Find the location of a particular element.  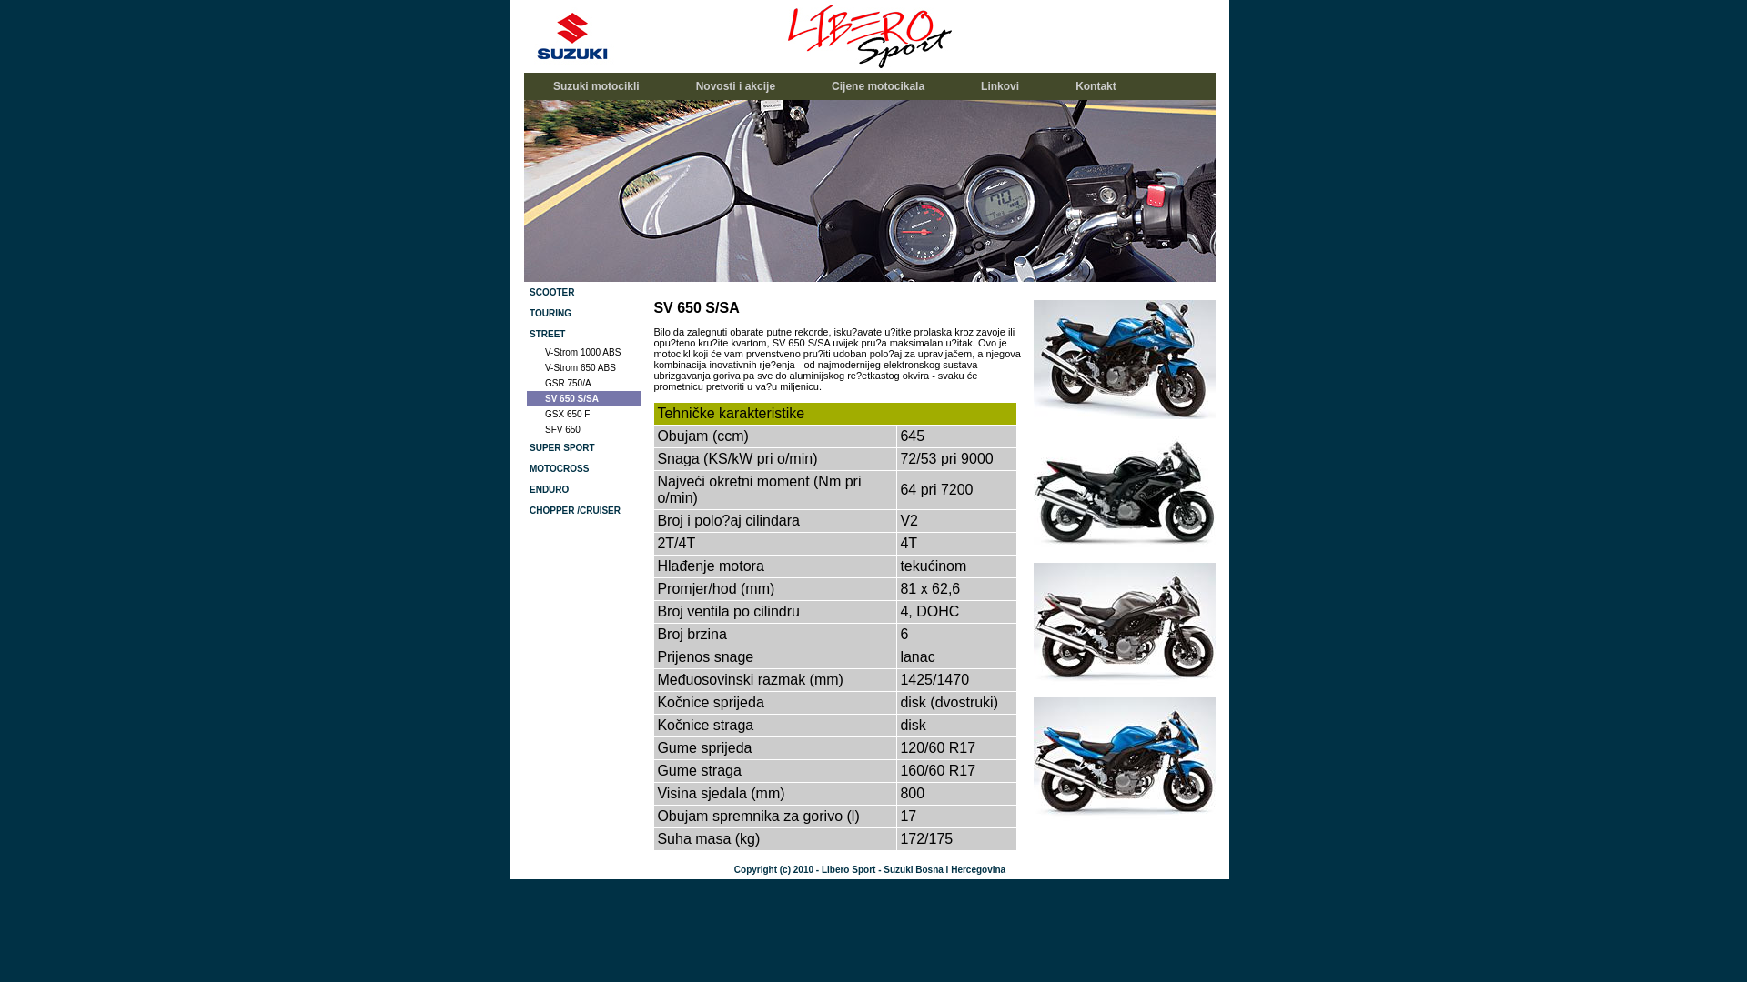

'GSX 650 F' is located at coordinates (584, 414).